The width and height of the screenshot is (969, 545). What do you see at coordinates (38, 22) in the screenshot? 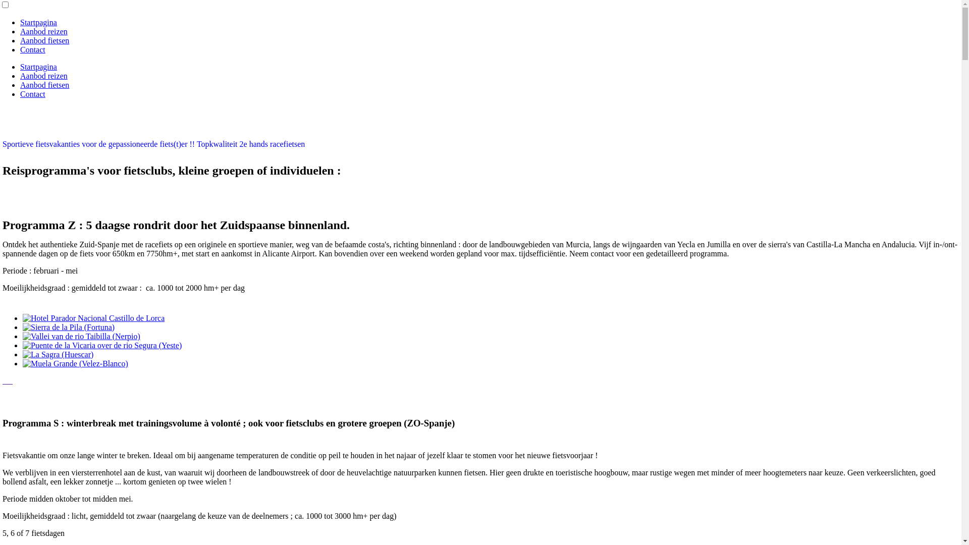
I see `'Startpagina'` at bounding box center [38, 22].